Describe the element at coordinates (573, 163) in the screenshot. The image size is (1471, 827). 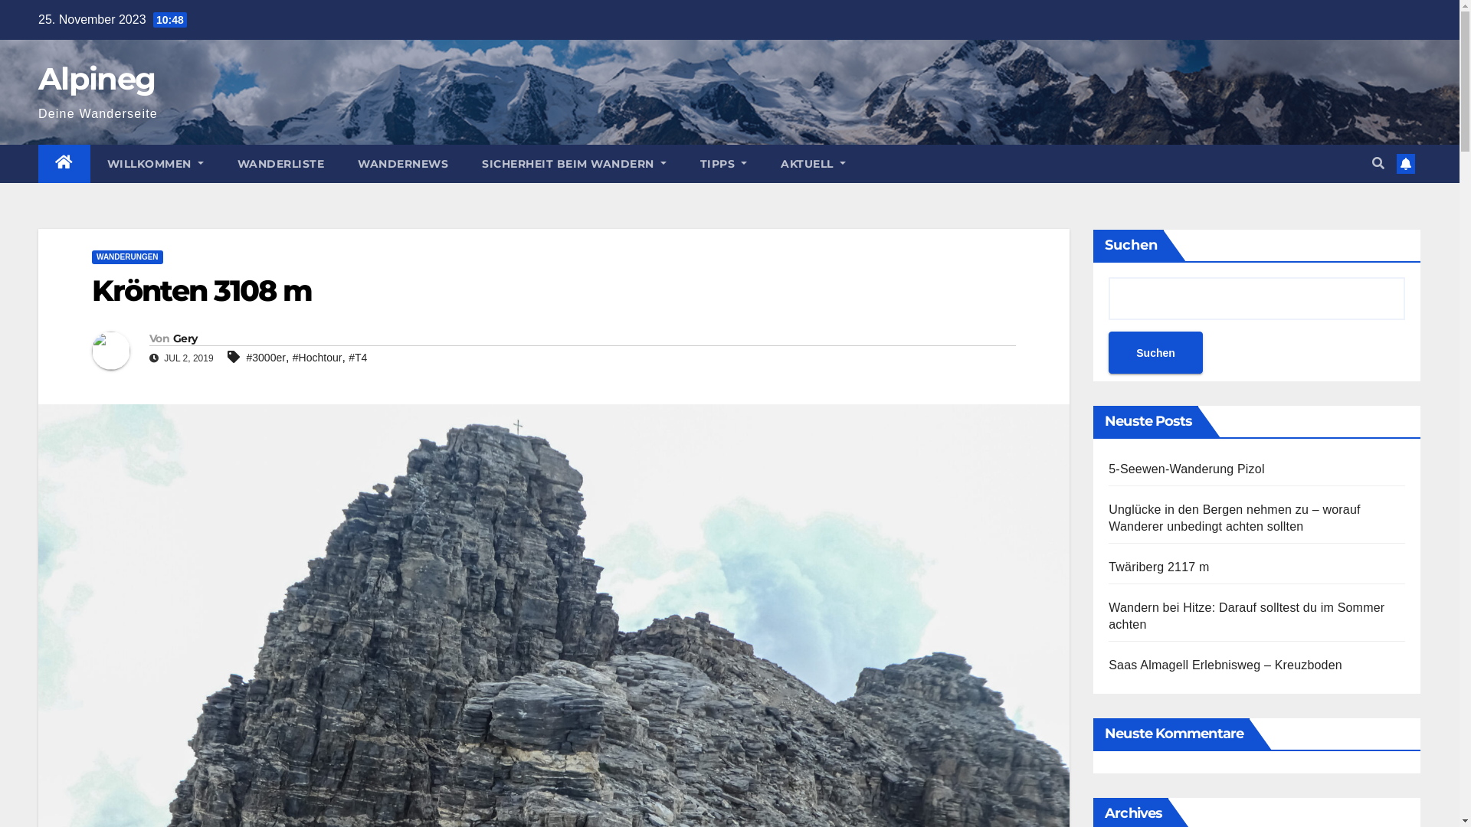
I see `'SICHERHEIT BEIM WANDERN'` at that location.